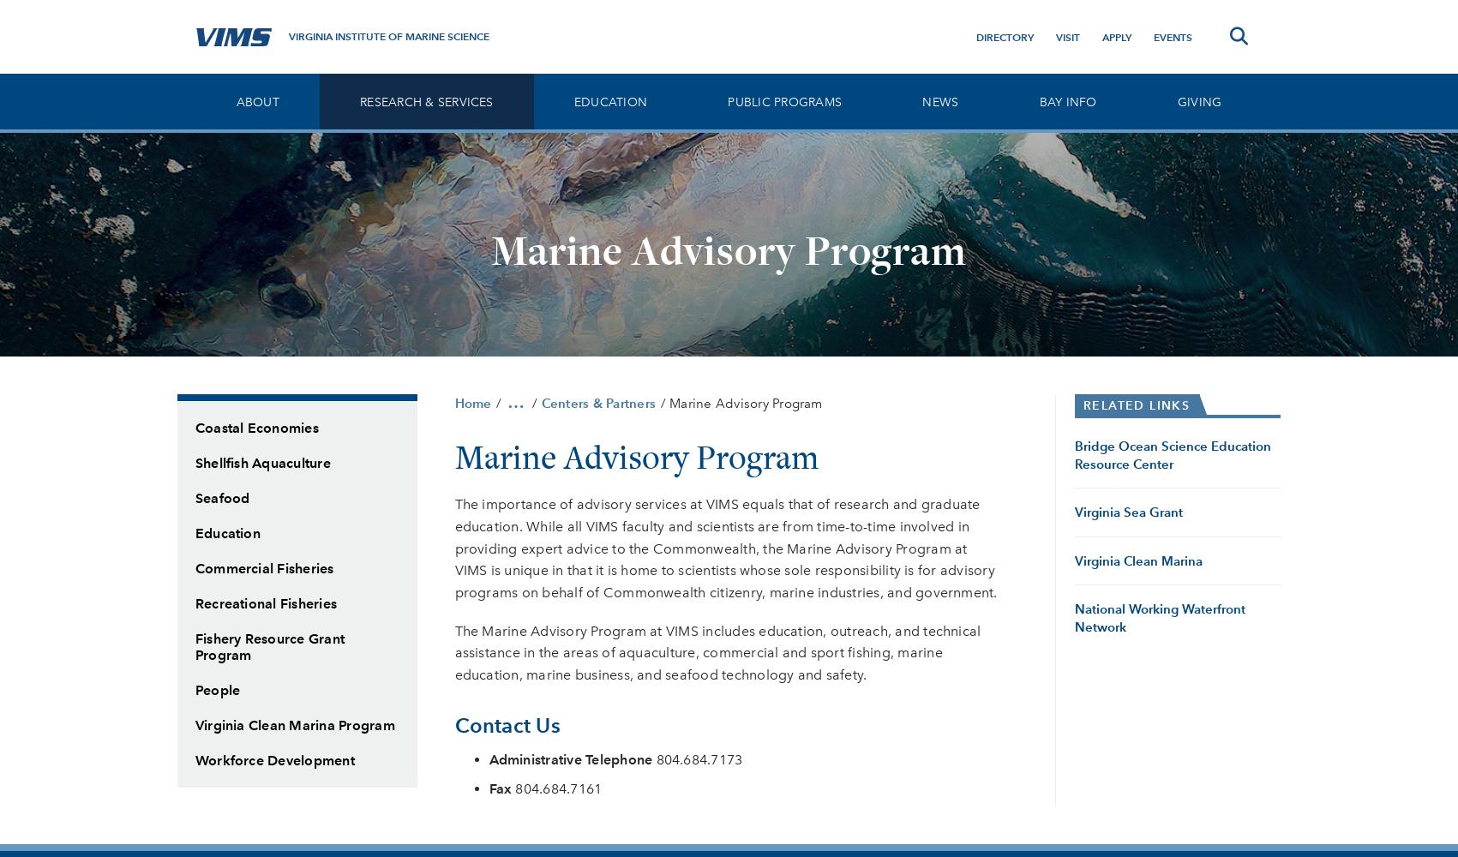 The image size is (1458, 857). What do you see at coordinates (1159, 616) in the screenshot?
I see `'National Working Waterfront Network'` at bounding box center [1159, 616].